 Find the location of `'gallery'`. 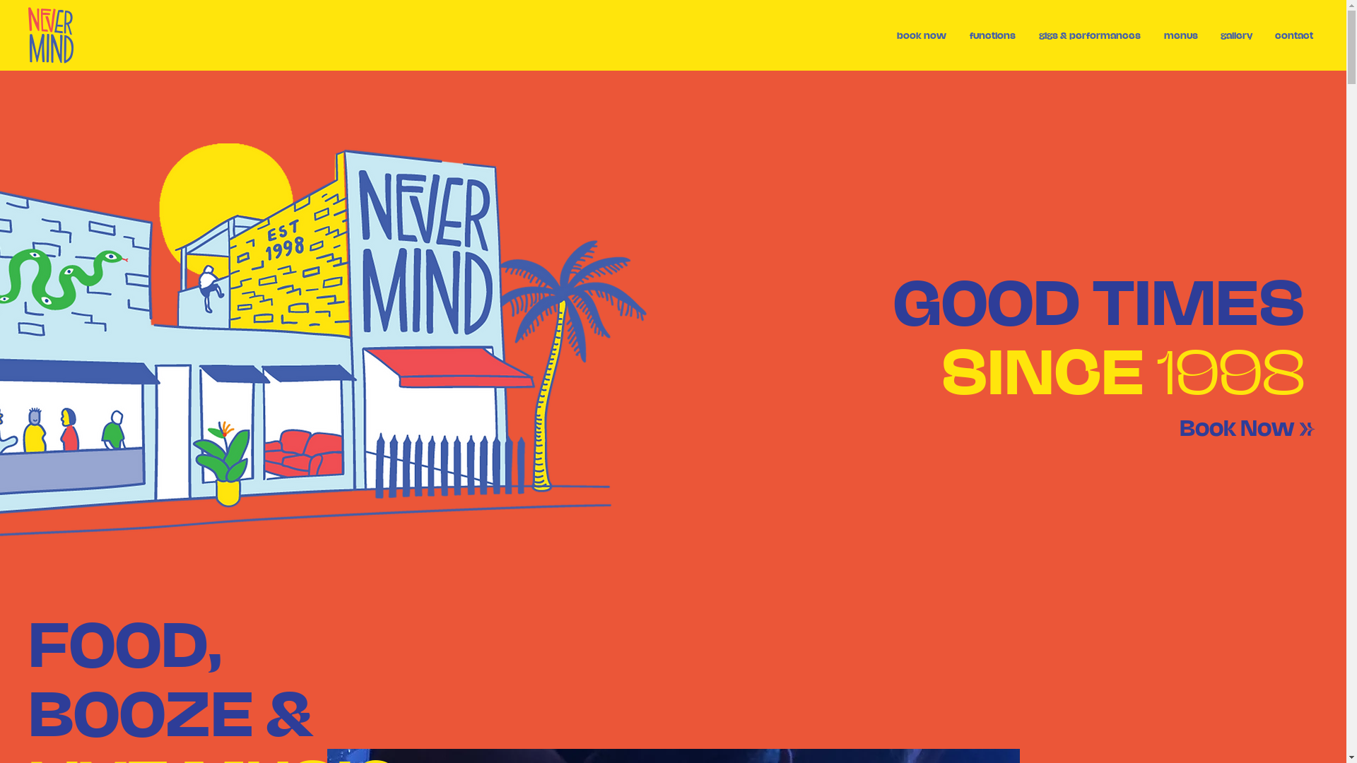

'gallery' is located at coordinates (1235, 34).